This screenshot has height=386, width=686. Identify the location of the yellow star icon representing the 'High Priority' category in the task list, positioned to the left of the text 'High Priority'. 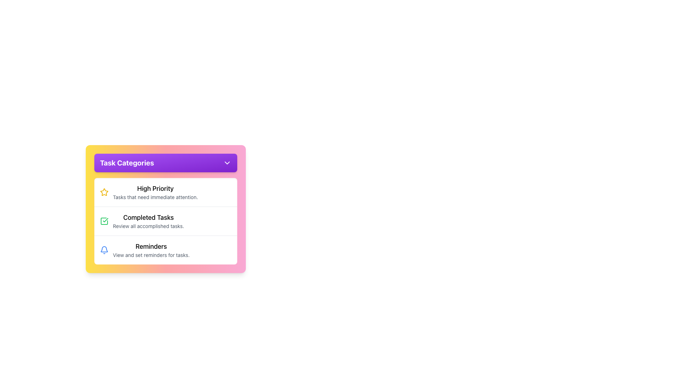
(104, 192).